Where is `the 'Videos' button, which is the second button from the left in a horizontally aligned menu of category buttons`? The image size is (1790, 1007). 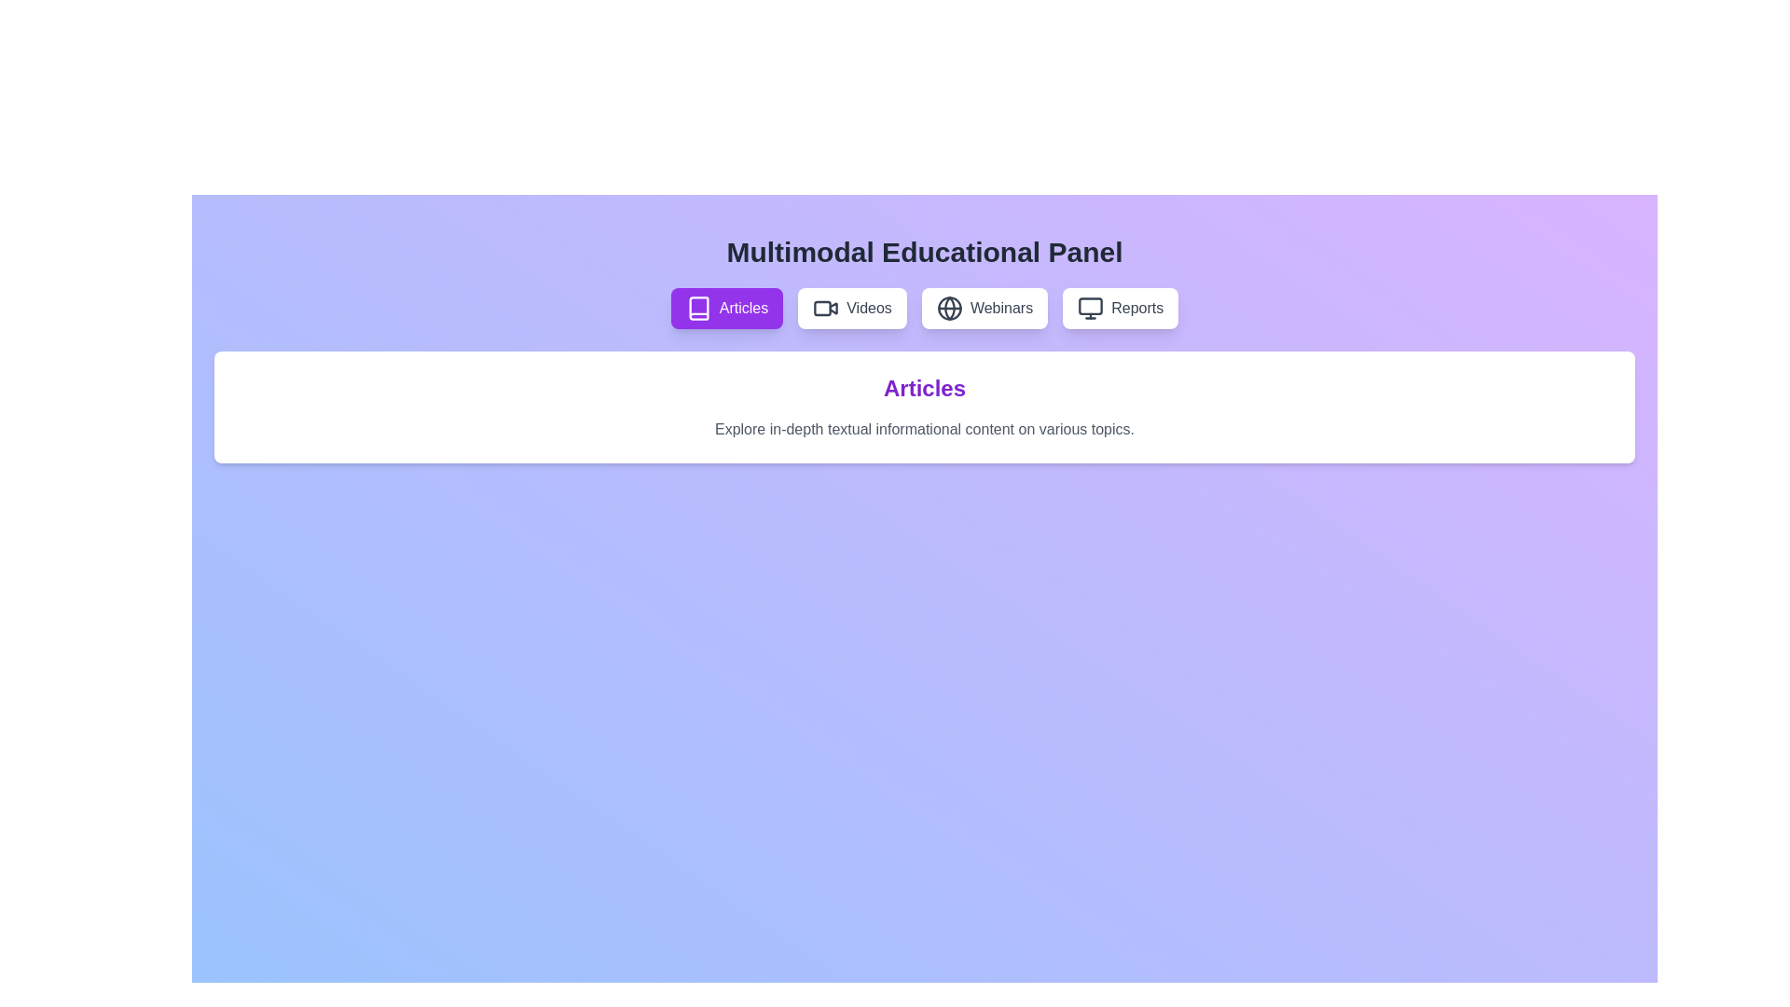 the 'Videos' button, which is the second button from the left in a horizontally aligned menu of category buttons is located at coordinates (868, 308).